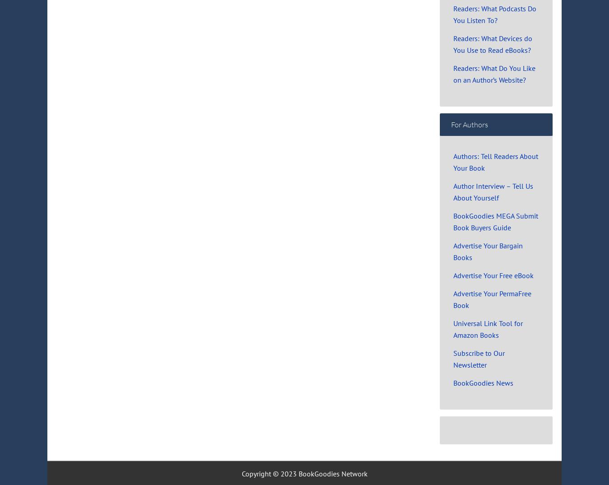 The image size is (609, 485). Describe the element at coordinates (494, 275) in the screenshot. I see `'Advertise Your Free eBook'` at that location.